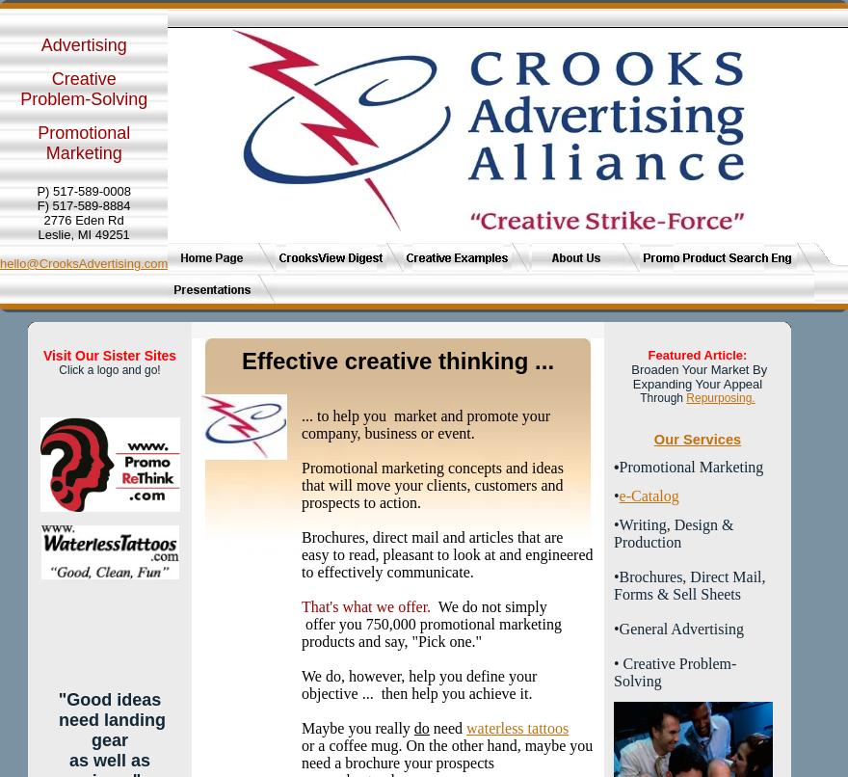 The height and width of the screenshot is (777, 848). Describe the element at coordinates (82, 204) in the screenshot. I see `'F) 517-589-8884'` at that location.